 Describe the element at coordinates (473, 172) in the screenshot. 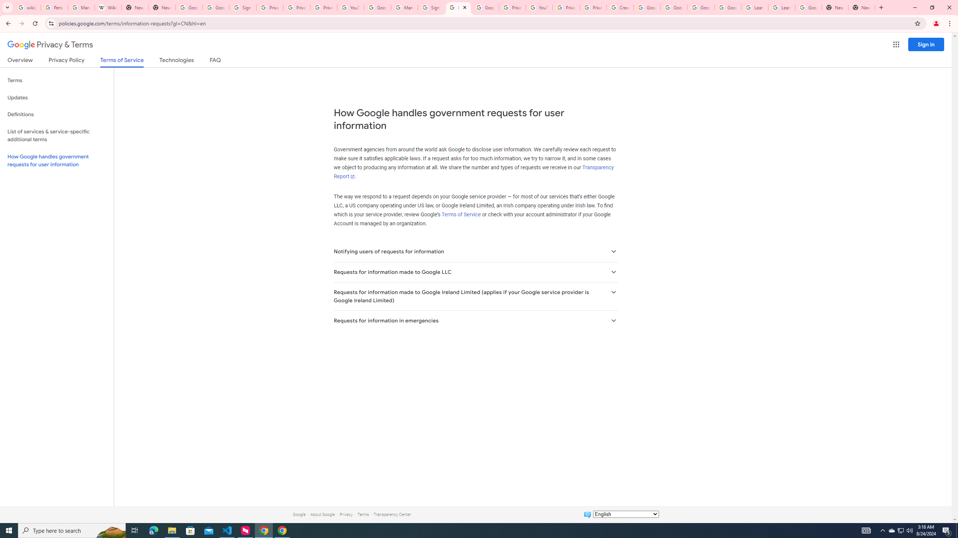

I see `'Transparency Report'` at that location.